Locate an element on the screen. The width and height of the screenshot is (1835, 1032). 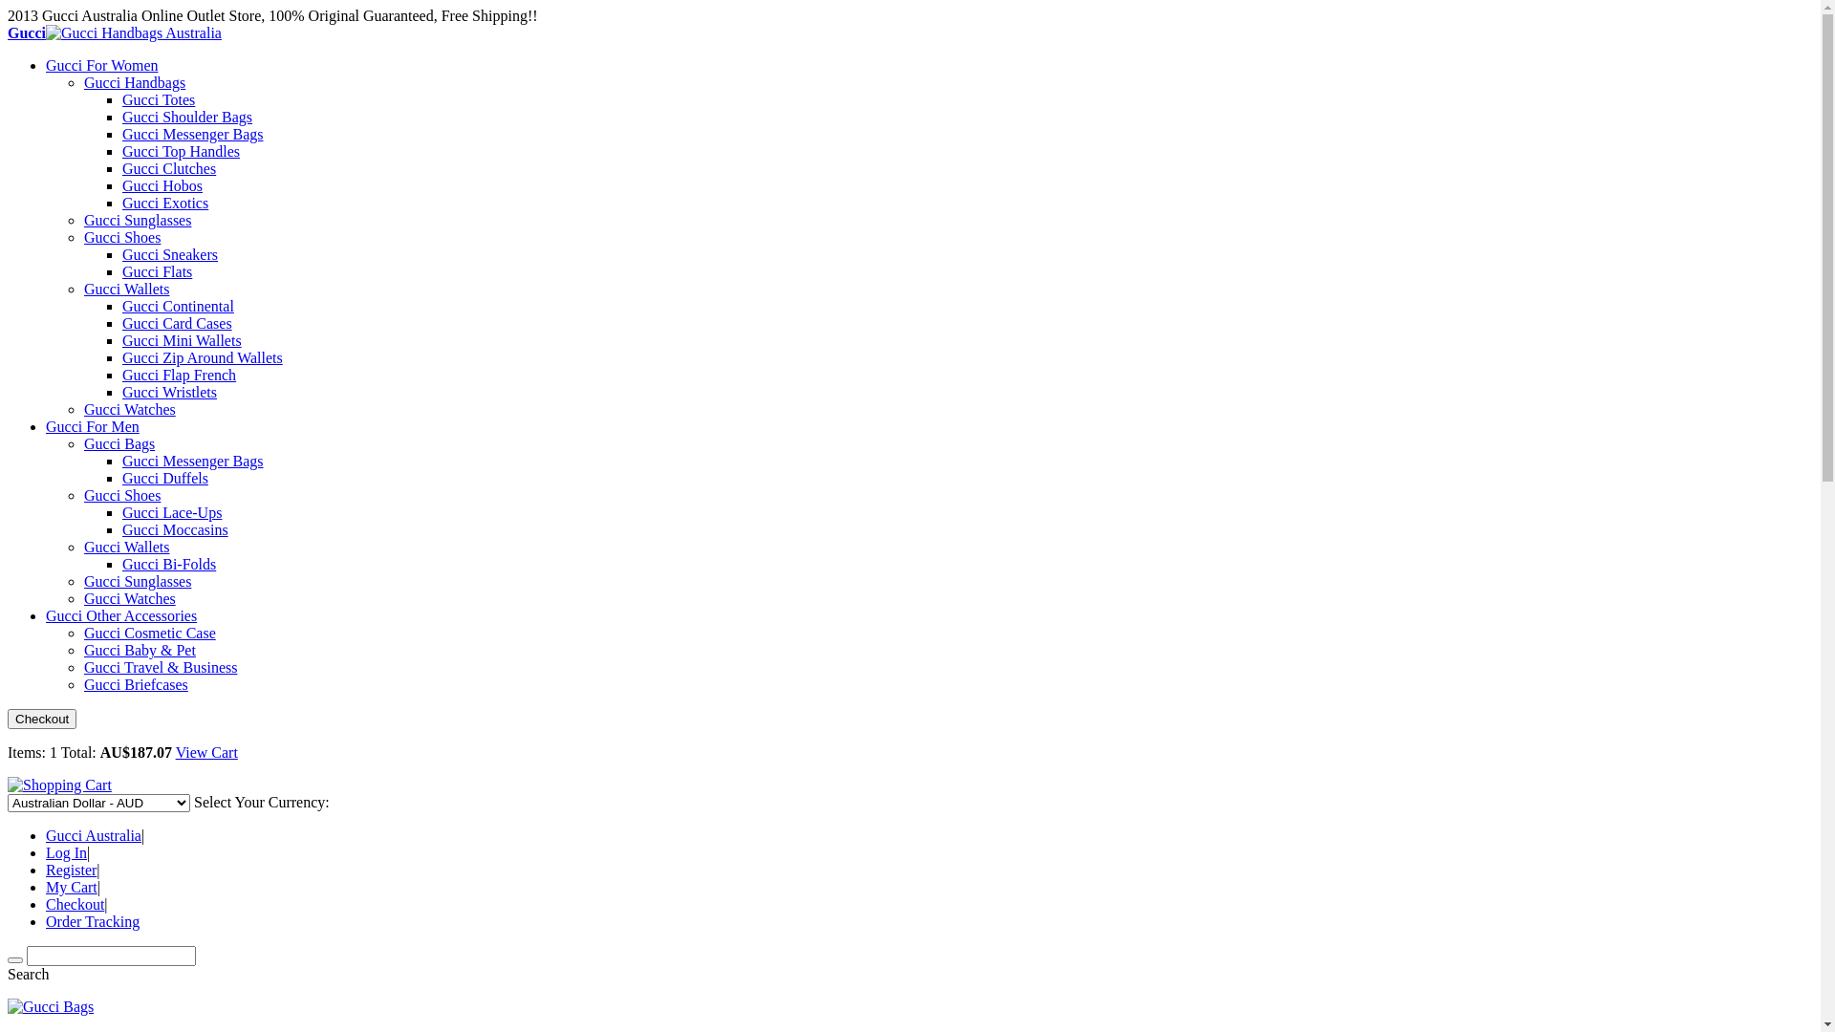
'Gucci Shoulder Bags' is located at coordinates (187, 117).